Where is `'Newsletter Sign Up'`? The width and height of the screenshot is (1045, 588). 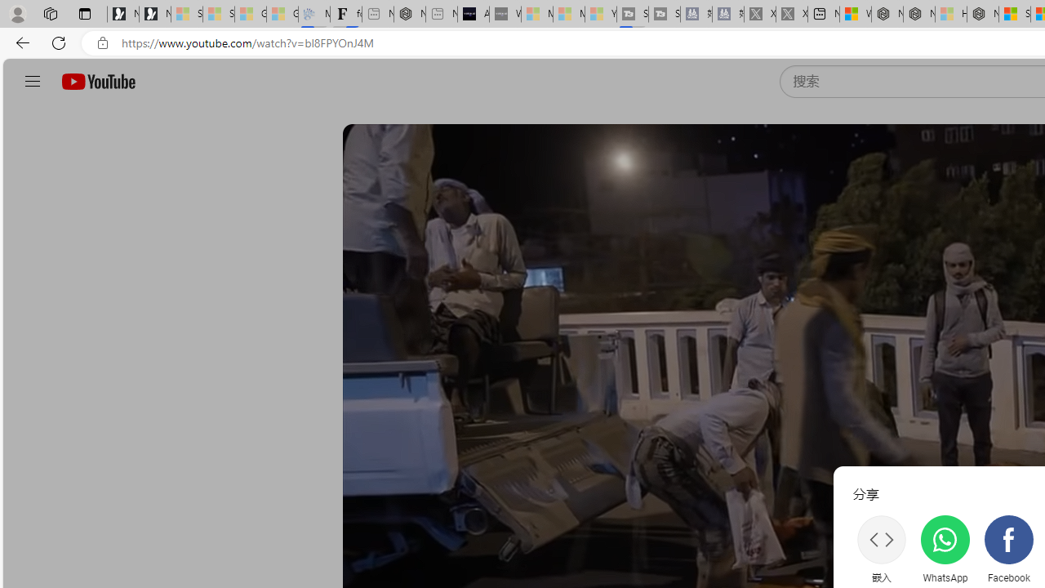
'Newsletter Sign Up' is located at coordinates (155, 14).